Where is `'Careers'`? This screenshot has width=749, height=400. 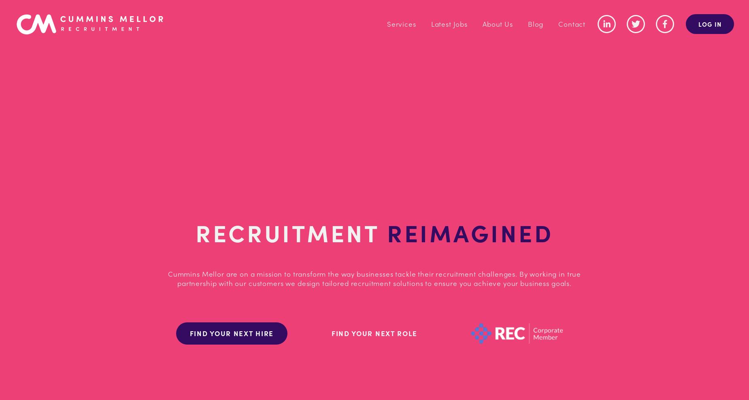 'Careers' is located at coordinates (476, 54).